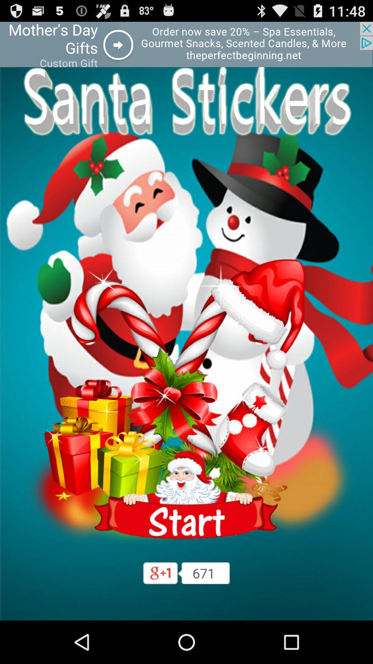 The image size is (373, 664). What do you see at coordinates (186, 495) in the screenshot?
I see `nadvantisment` at bounding box center [186, 495].